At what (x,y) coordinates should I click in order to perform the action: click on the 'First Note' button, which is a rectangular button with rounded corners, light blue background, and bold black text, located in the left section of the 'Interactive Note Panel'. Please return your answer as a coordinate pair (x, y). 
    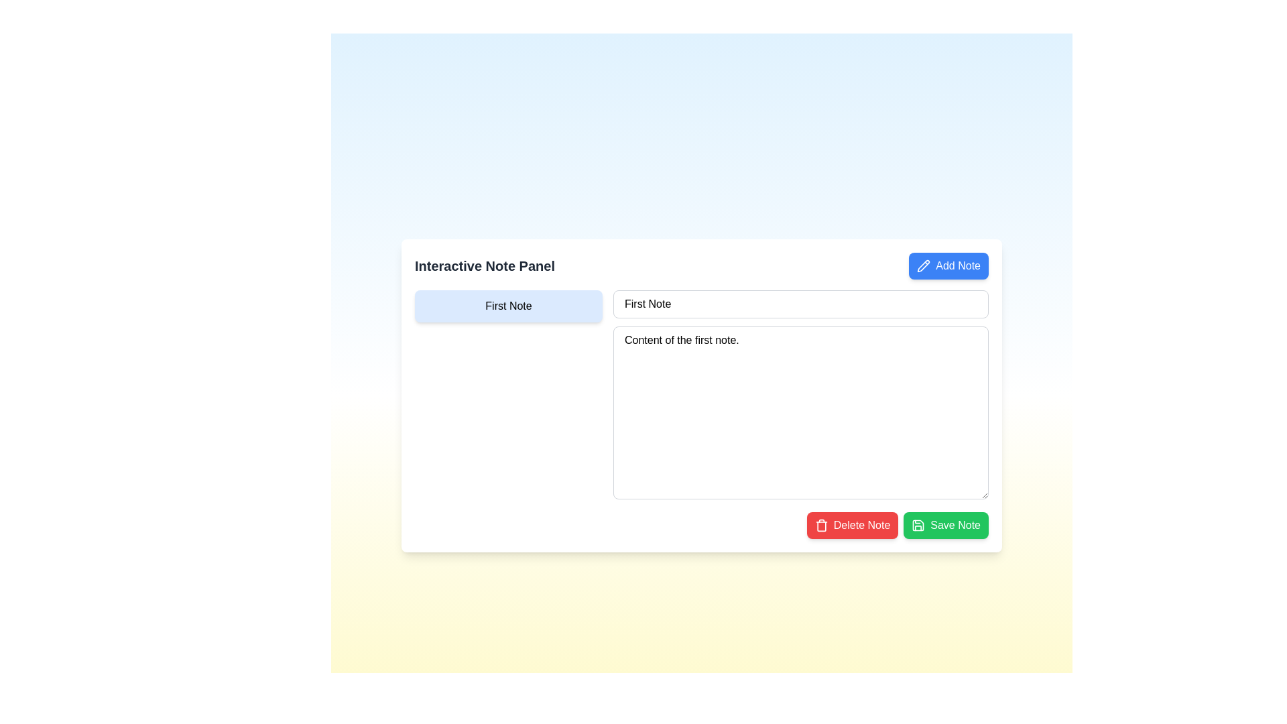
    Looking at the image, I should click on (507, 305).